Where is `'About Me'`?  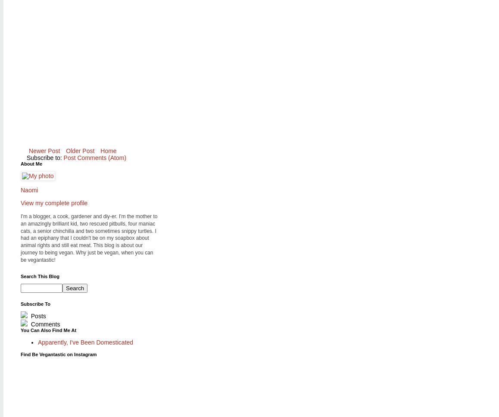 'About Me' is located at coordinates (31, 164).